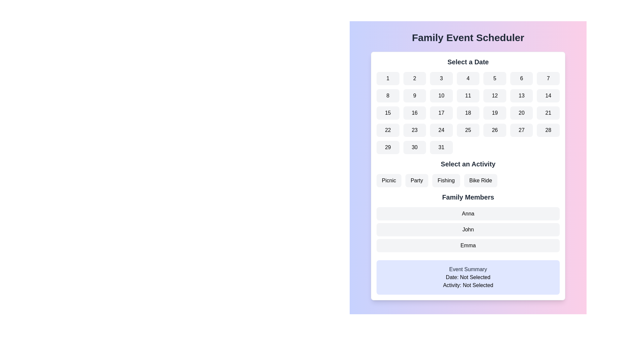 Image resolution: width=637 pixels, height=358 pixels. I want to click on the selectable date button located in the third row and sixth column of the calendar interface, so click(521, 112).